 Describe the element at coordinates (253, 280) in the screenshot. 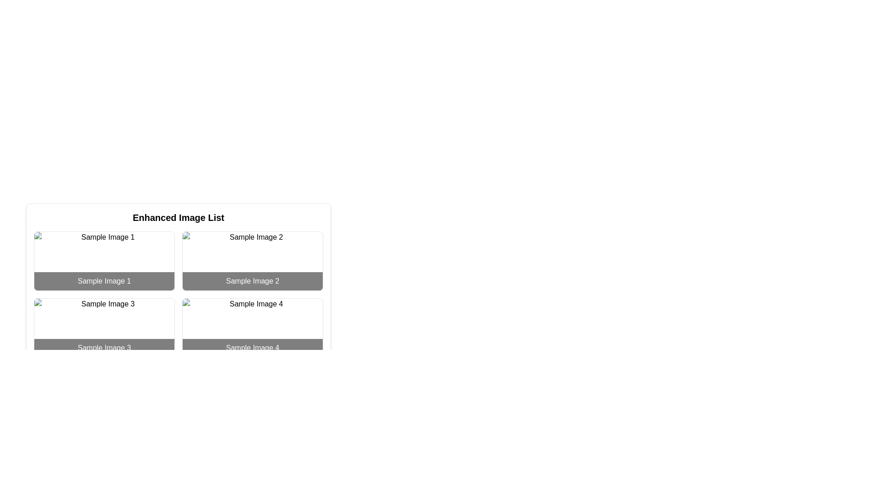

I see `label section that contains white text reading 'Sample Image 2', located at the bottom of the second image card in the top row of a grid layout` at that location.